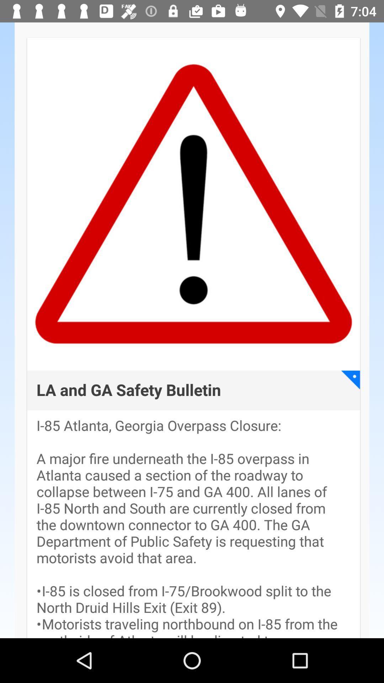  I want to click on the app above i 85 atlanta item, so click(129, 390).